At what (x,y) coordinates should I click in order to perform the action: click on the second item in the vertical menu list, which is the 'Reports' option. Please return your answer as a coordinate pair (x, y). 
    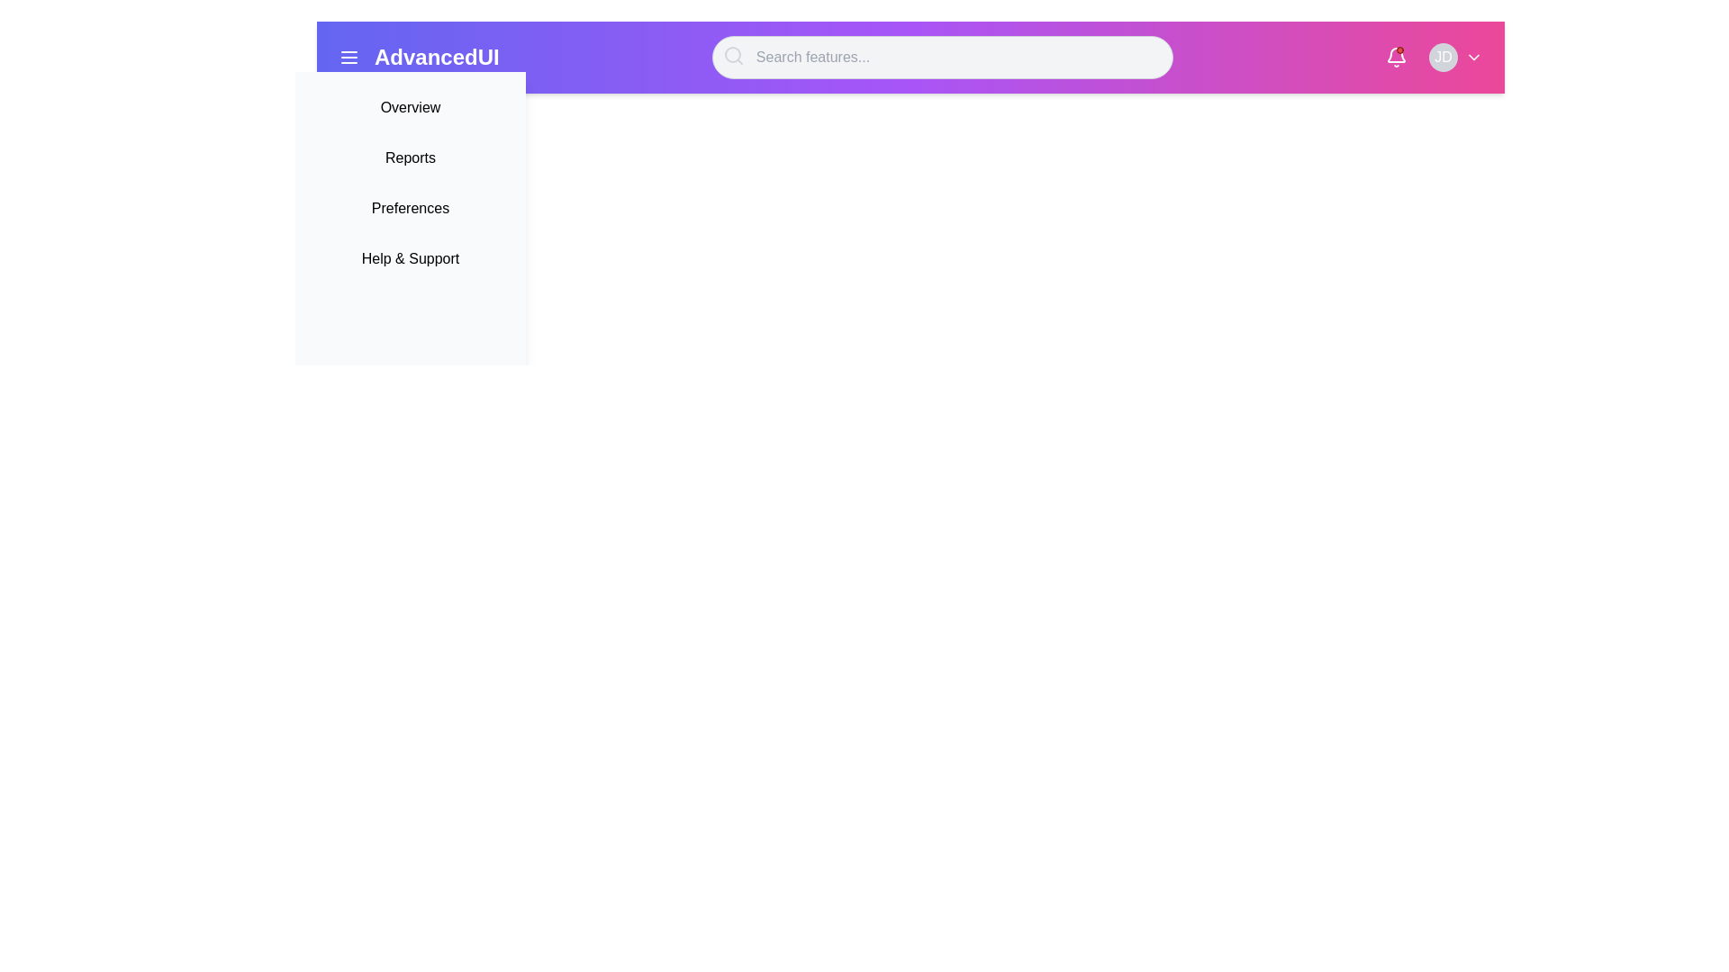
    Looking at the image, I should click on (410, 157).